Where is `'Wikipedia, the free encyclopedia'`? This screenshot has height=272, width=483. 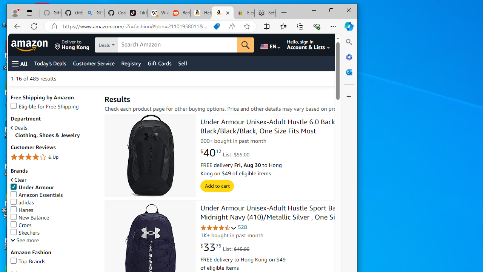 'Wikipedia, the free encyclopedia' is located at coordinates (157, 13).